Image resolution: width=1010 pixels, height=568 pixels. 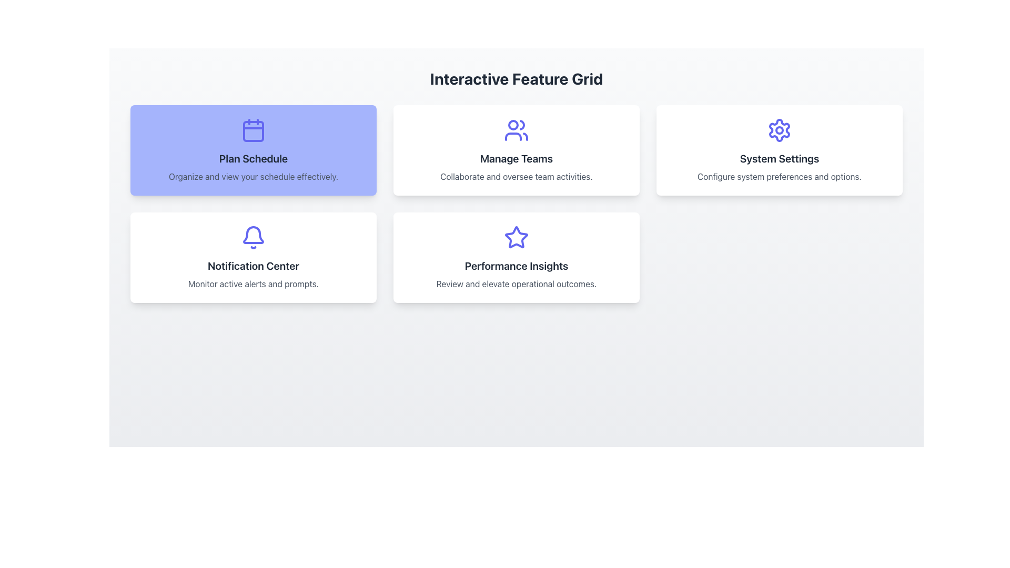 I want to click on the notification bell icon located in the Notification Center card, which indicates alerts or updates, so click(x=253, y=237).